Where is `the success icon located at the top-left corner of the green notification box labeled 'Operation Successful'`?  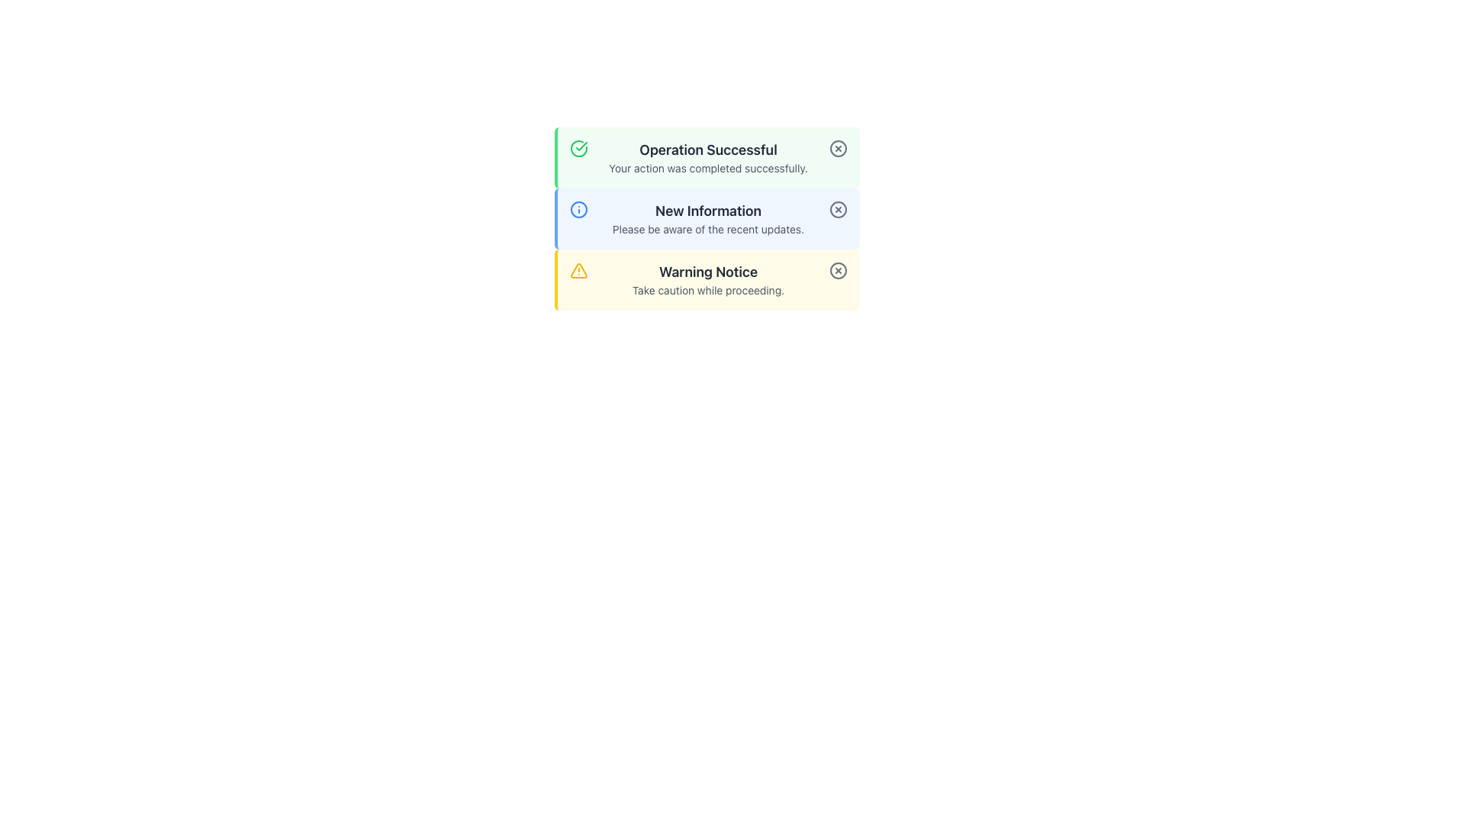
the success icon located at the top-left corner of the green notification box labeled 'Operation Successful' is located at coordinates (578, 149).